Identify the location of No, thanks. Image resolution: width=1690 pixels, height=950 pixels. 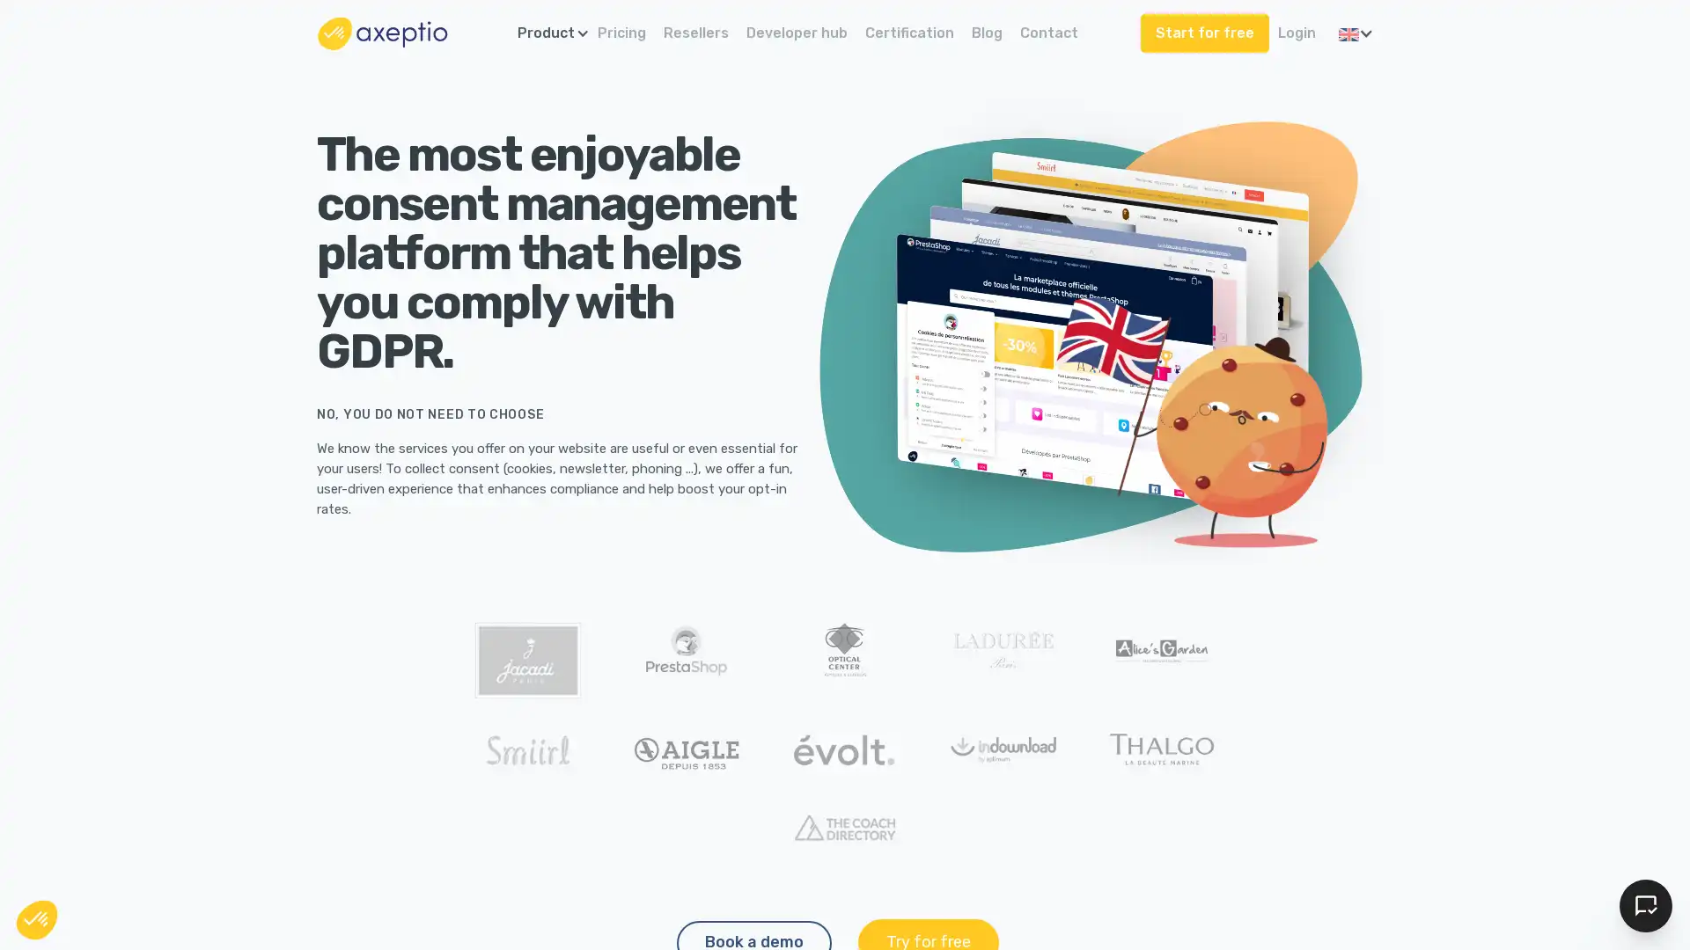
(78, 852).